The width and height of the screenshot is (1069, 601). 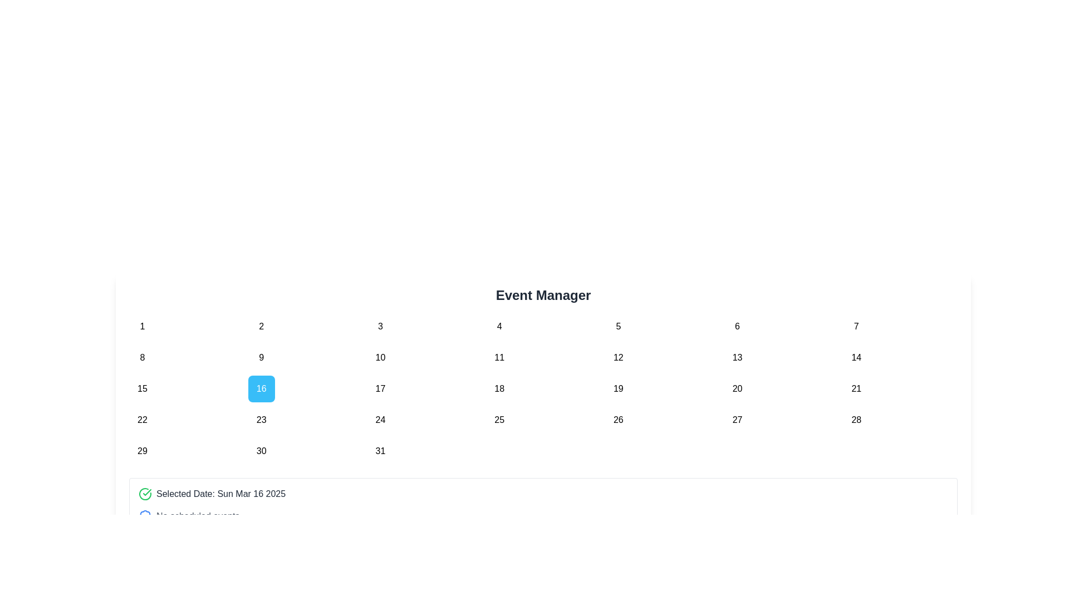 What do you see at coordinates (856, 388) in the screenshot?
I see `the square button displaying '21' with a rounded border, located in the last column of the third row under 'Event Manager'` at bounding box center [856, 388].